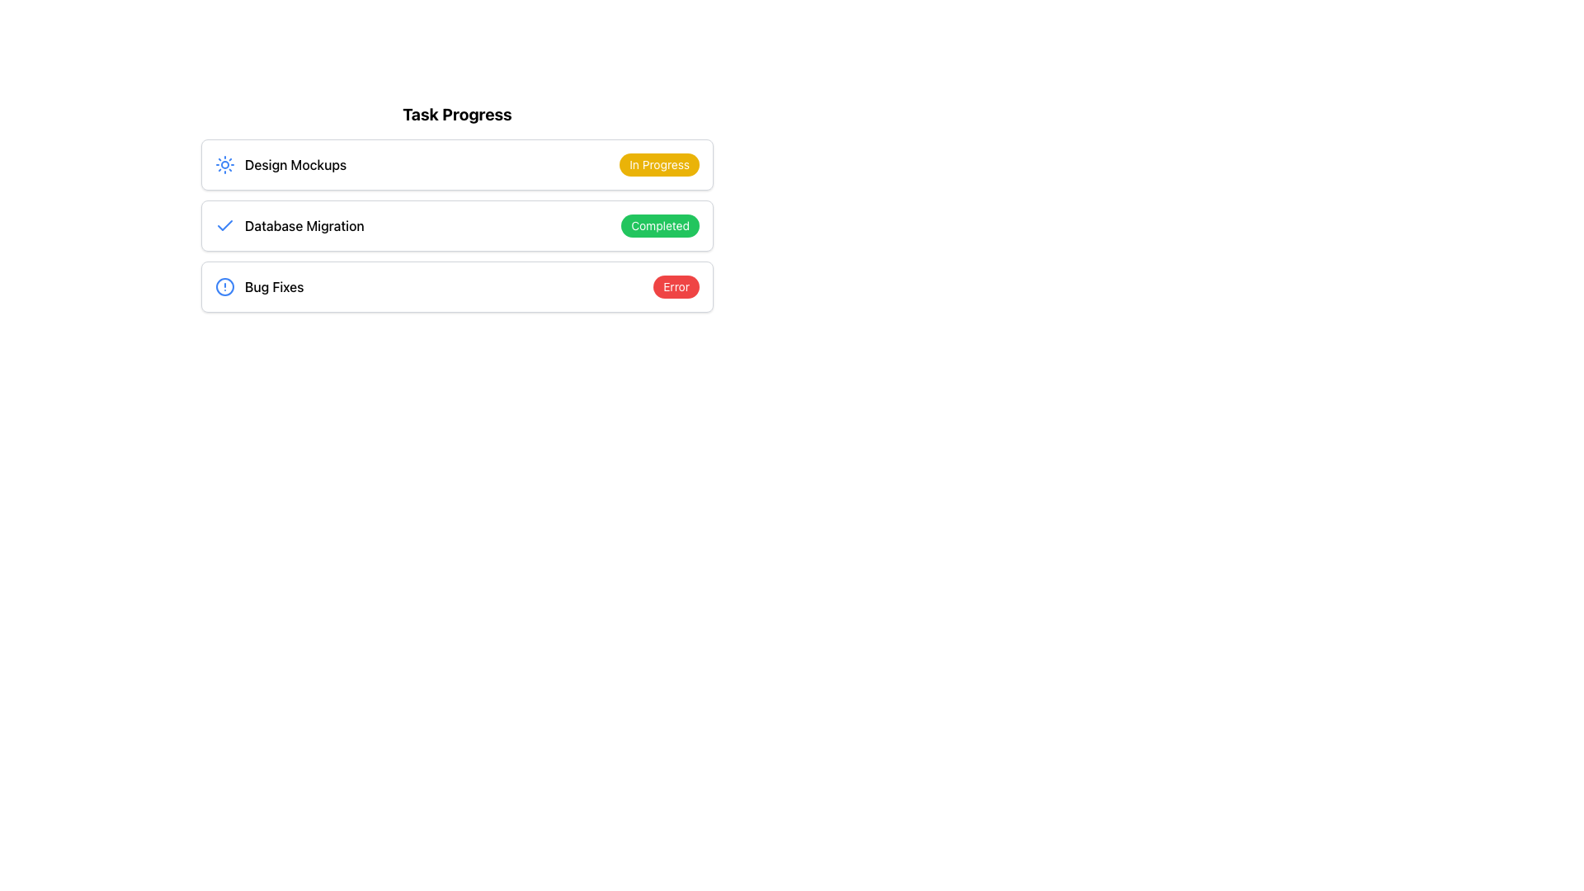  I want to click on the text label displaying 'Database Migration' with a blue checkmark icon, which indicates completion within the 'Task Progress' section, so click(290, 225).